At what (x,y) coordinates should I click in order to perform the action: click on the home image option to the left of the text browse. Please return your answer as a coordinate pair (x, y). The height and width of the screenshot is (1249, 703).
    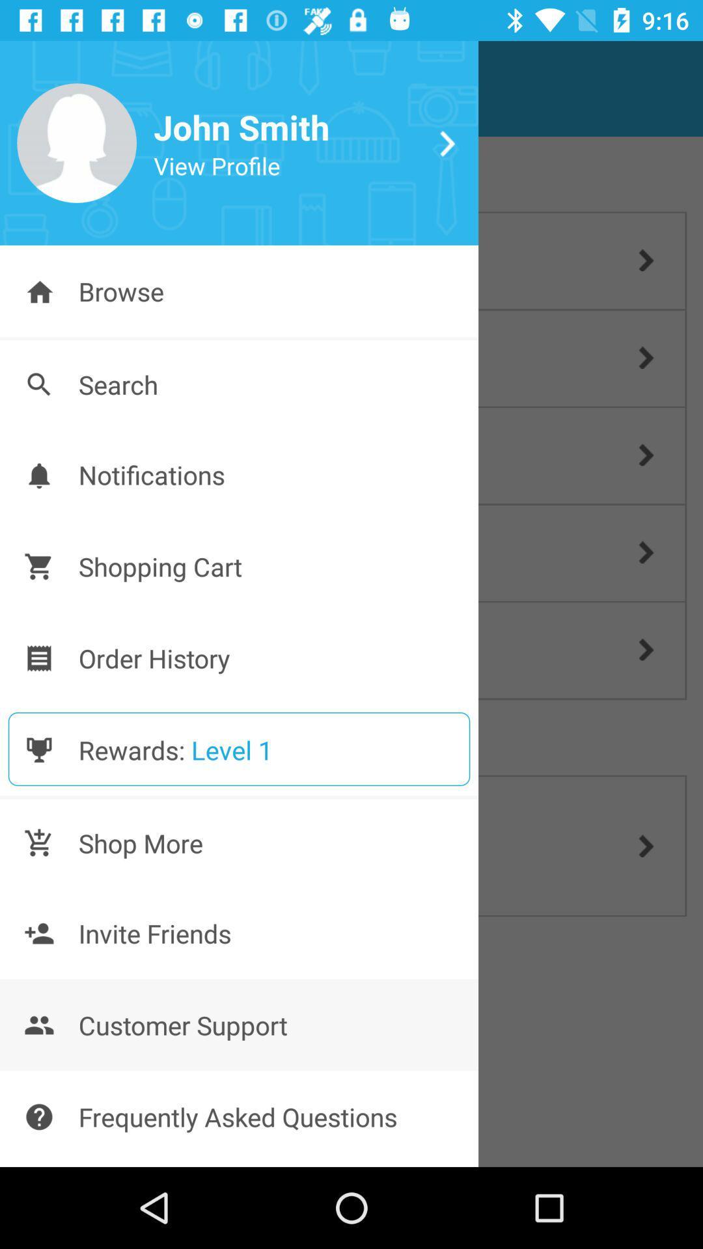
    Looking at the image, I should click on (38, 290).